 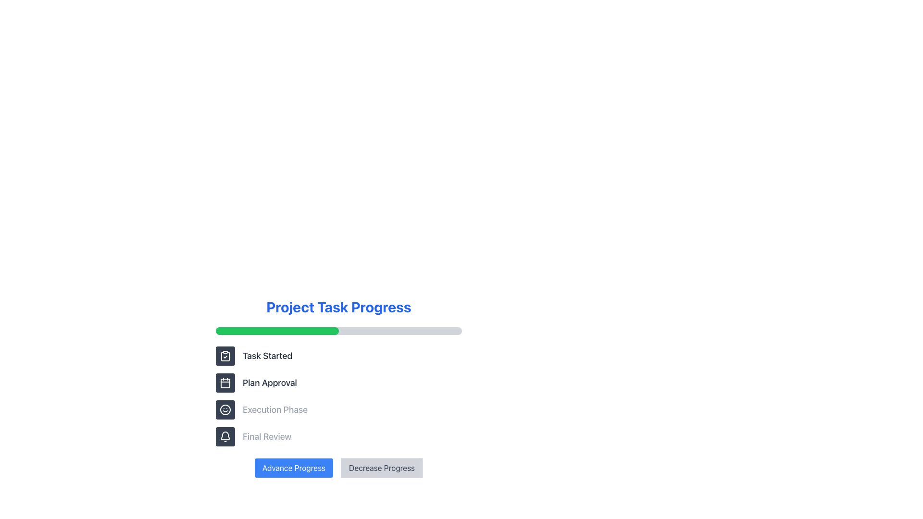 What do you see at coordinates (225, 356) in the screenshot?
I see `the 'Task Started' status icon located at the upper left of the vertical set of buttons in the project's task progress interface` at bounding box center [225, 356].